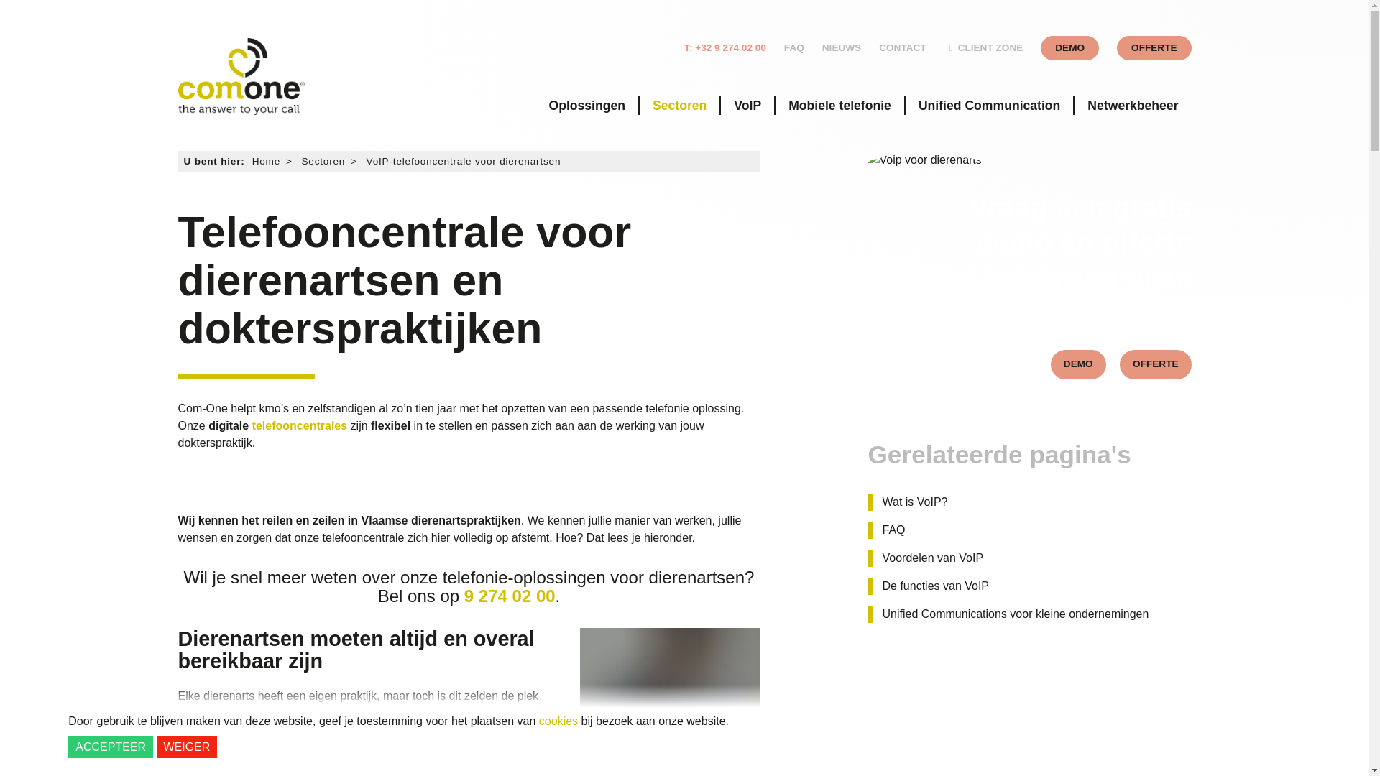  I want to click on 'Oplossingen', so click(586, 104).